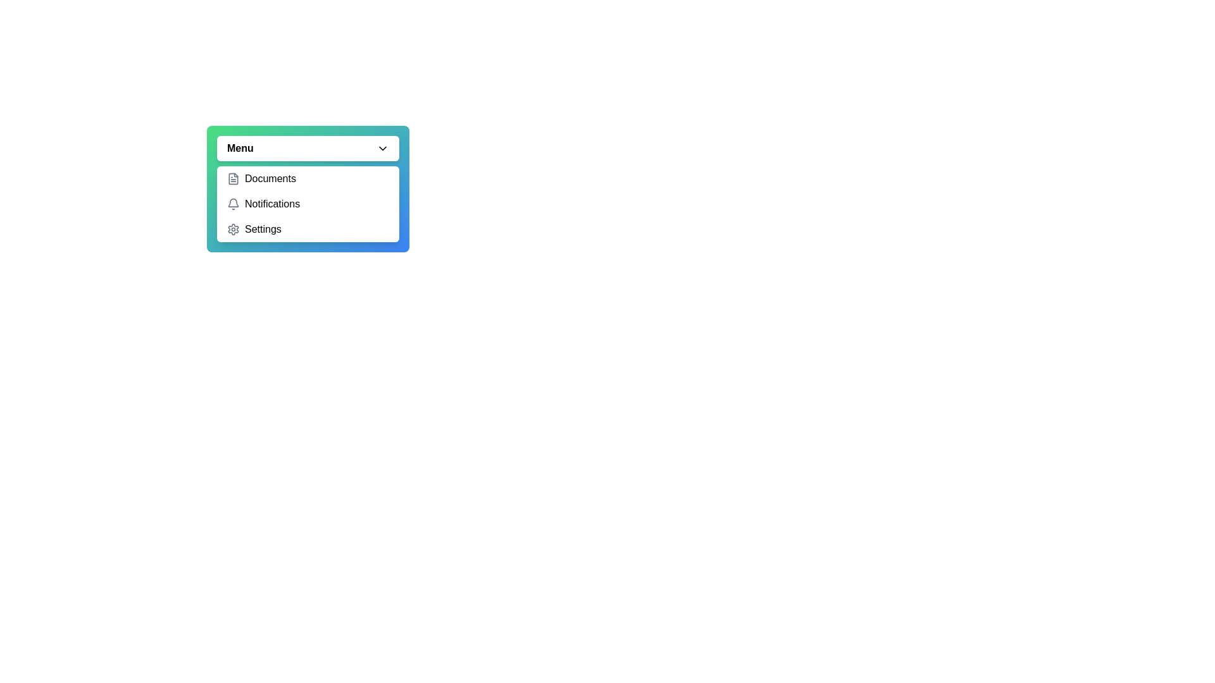 This screenshot has width=1215, height=683. Describe the element at coordinates (234, 204) in the screenshot. I see `the bell-shaped icon used for notifications, which is located to the left of the 'Notifications' label in the dropdown menu` at that location.